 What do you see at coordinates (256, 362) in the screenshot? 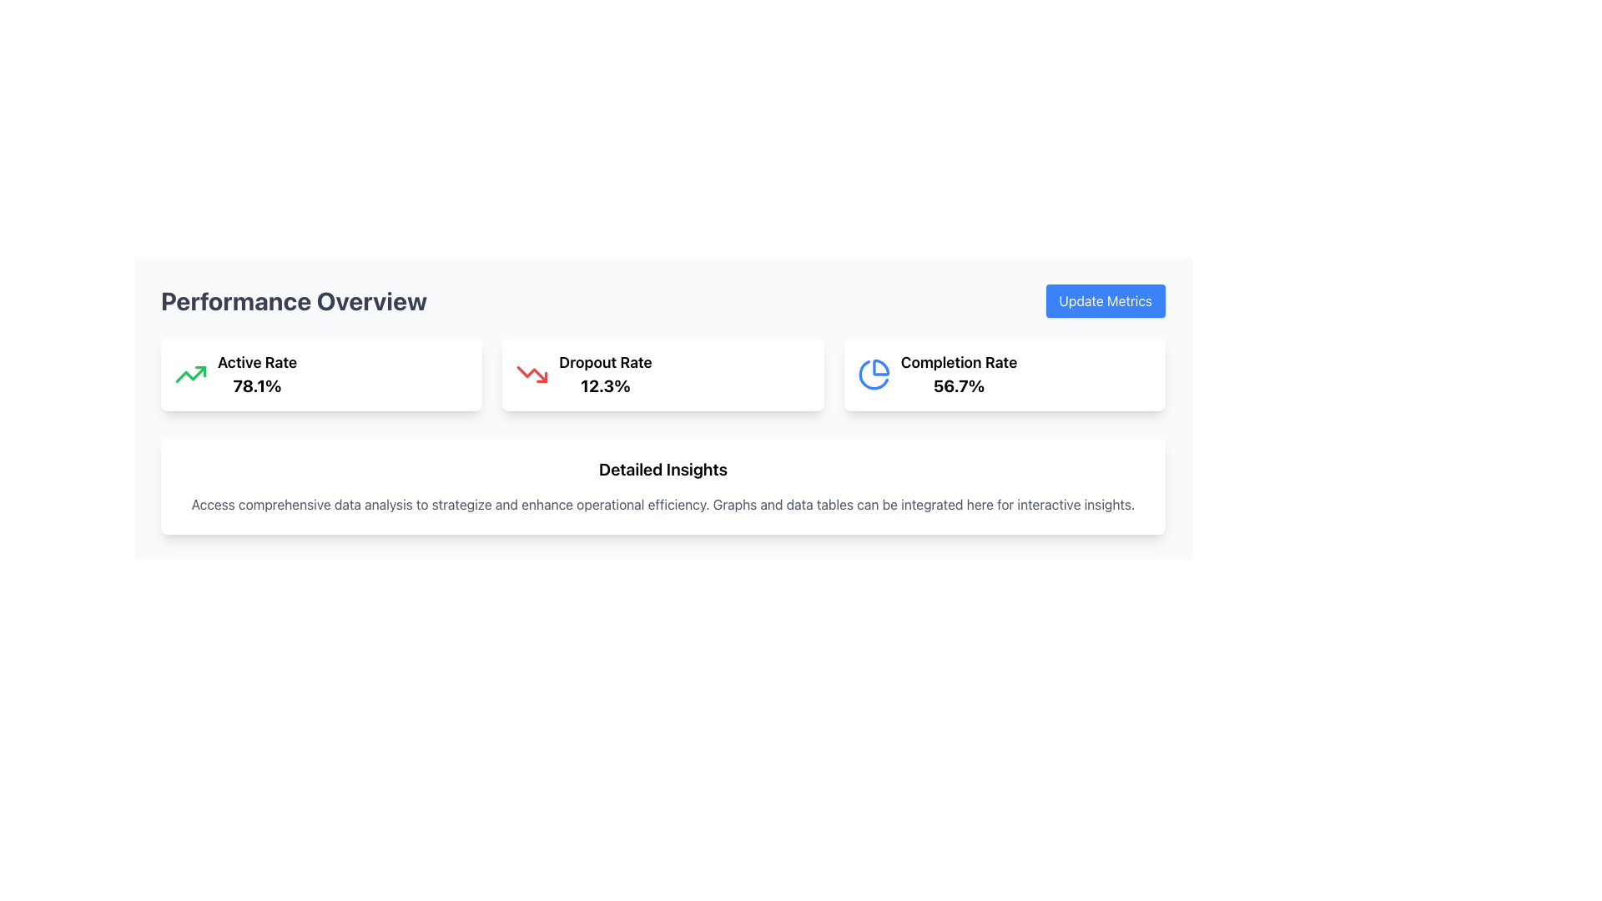
I see `the 'Active Rate' static text element which serves as a label for the metric '78.1%' located at the top of the leftmost card within a row of three cards` at bounding box center [256, 362].